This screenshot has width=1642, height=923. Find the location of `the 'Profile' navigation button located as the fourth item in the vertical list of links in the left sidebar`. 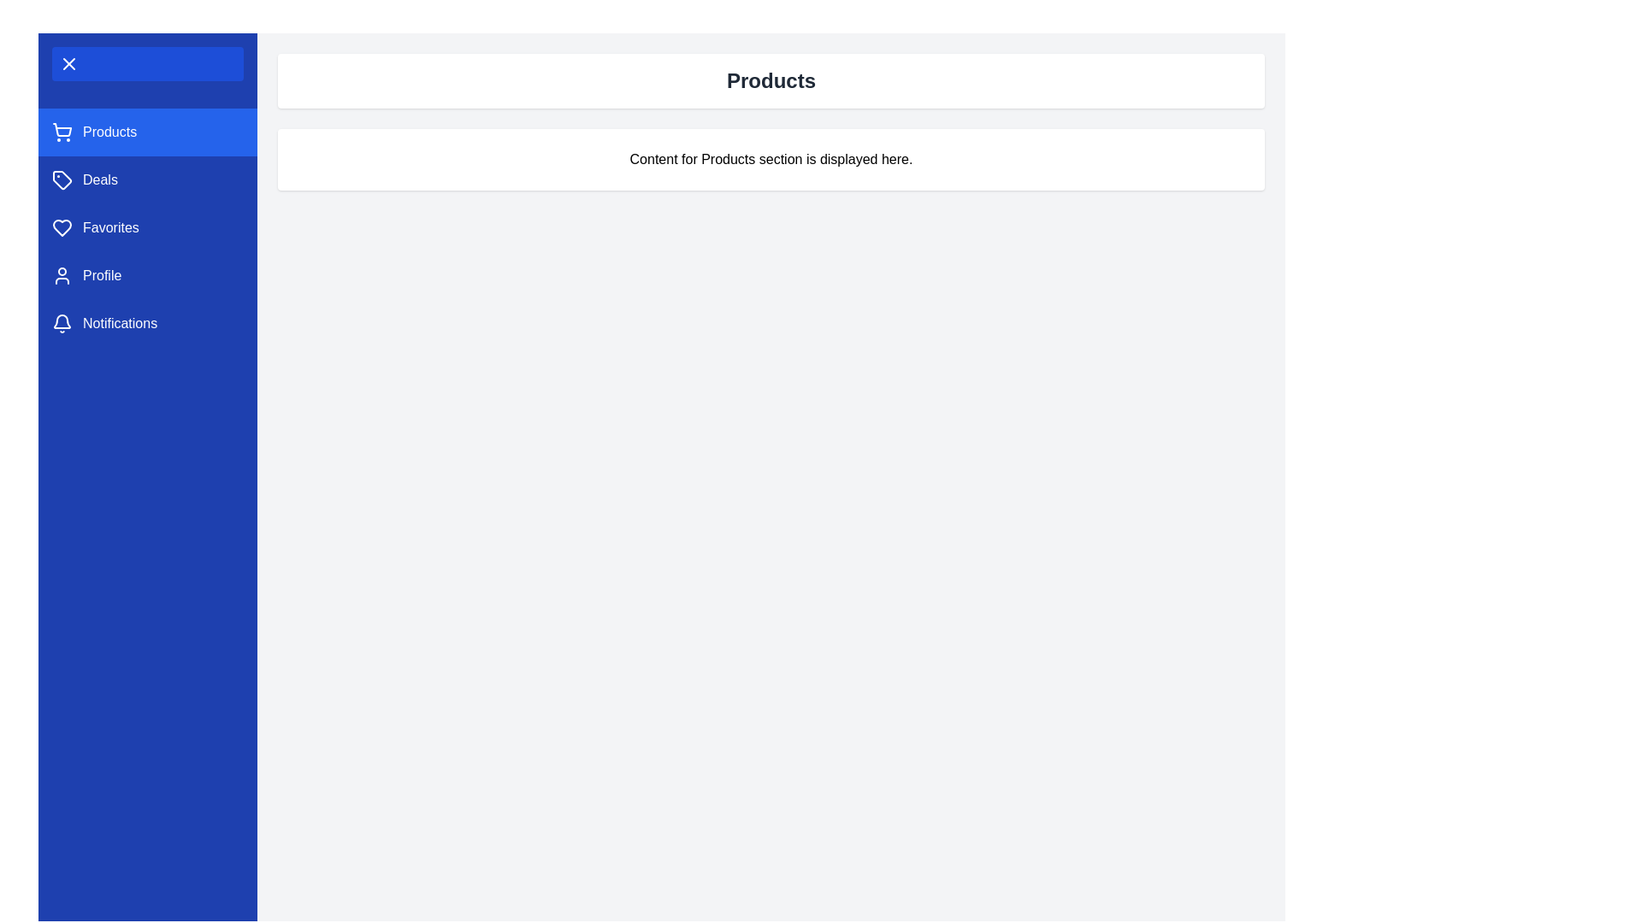

the 'Profile' navigation button located as the fourth item in the vertical list of links in the left sidebar is located at coordinates (147, 275).